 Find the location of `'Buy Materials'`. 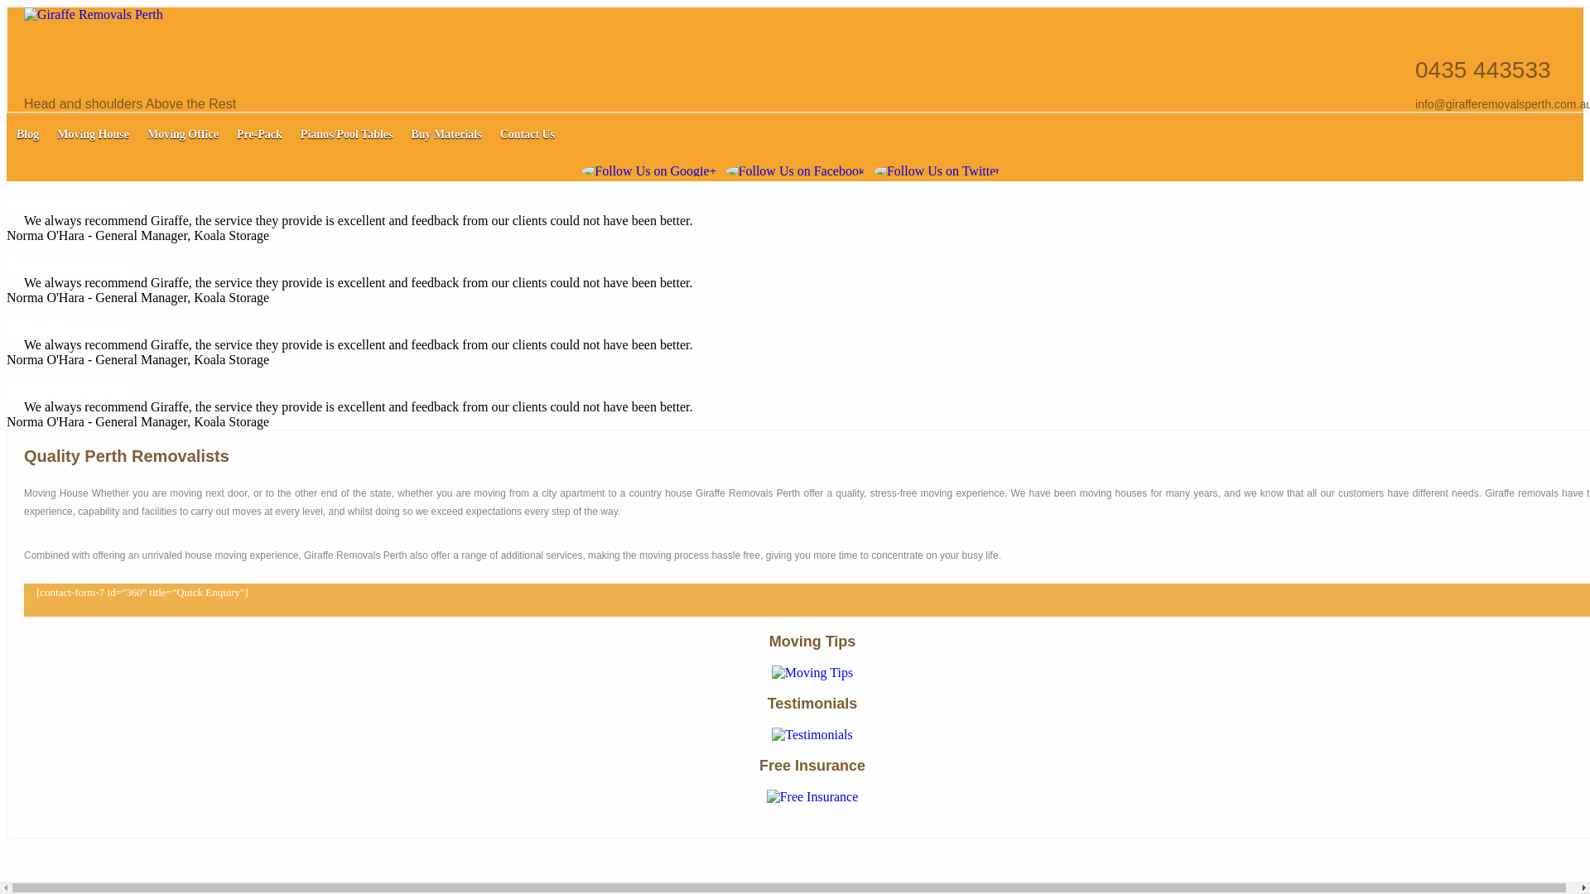

'Buy Materials' is located at coordinates (446, 133).